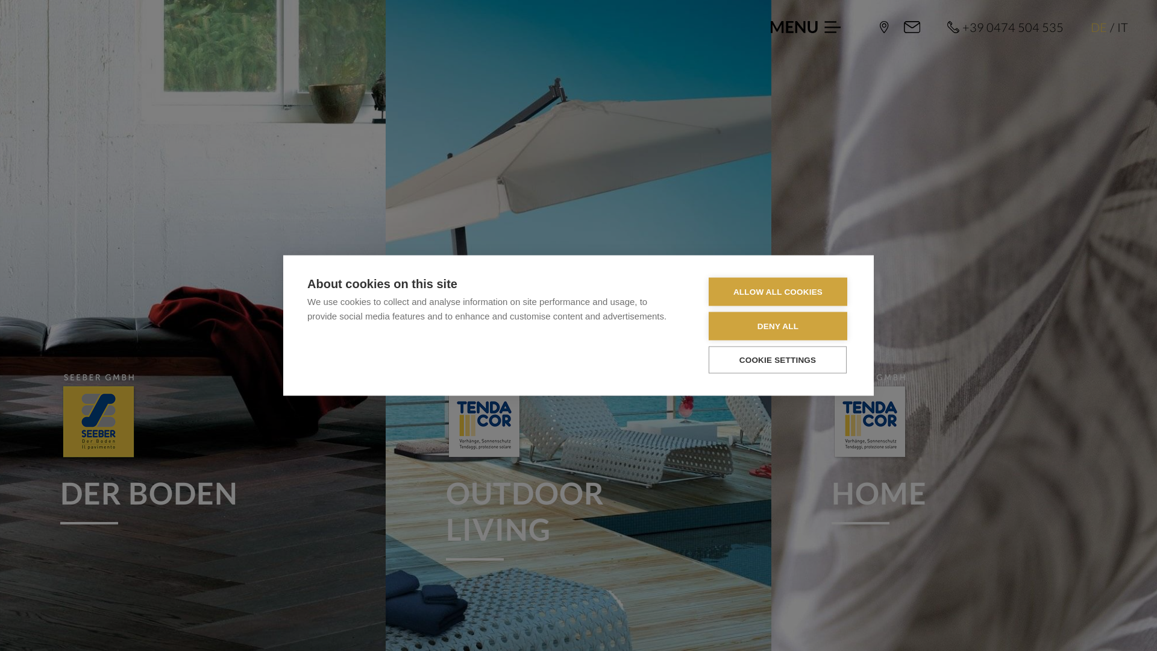  Describe the element at coordinates (963, 449) in the screenshot. I see `'HOME'` at that location.